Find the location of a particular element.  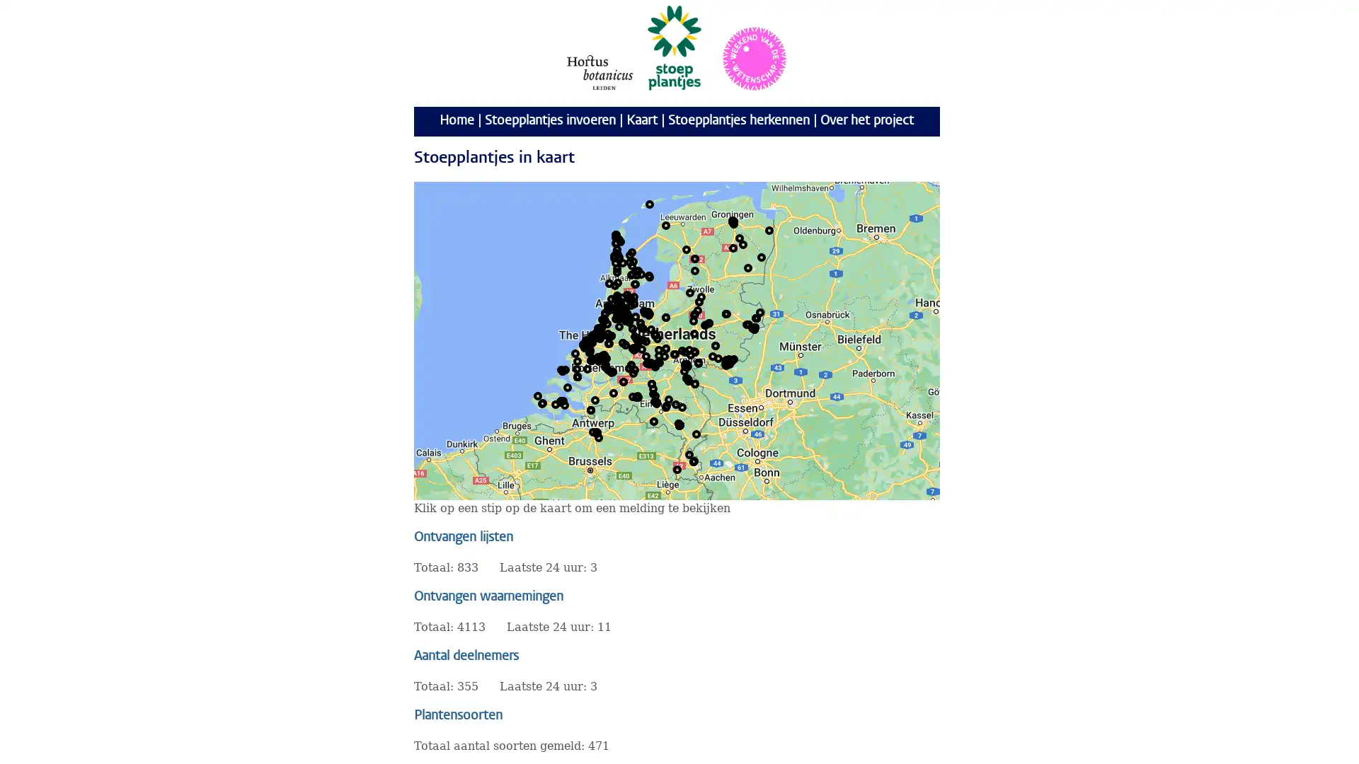

Telling van Giel de bruin op 03 juni 2022 is located at coordinates (578, 376).